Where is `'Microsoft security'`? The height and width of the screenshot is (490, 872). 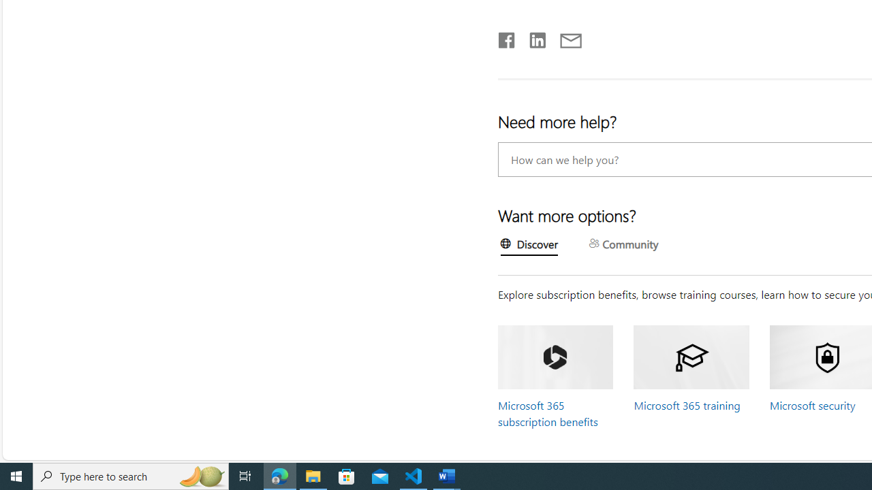
'Microsoft security' is located at coordinates (812, 404).